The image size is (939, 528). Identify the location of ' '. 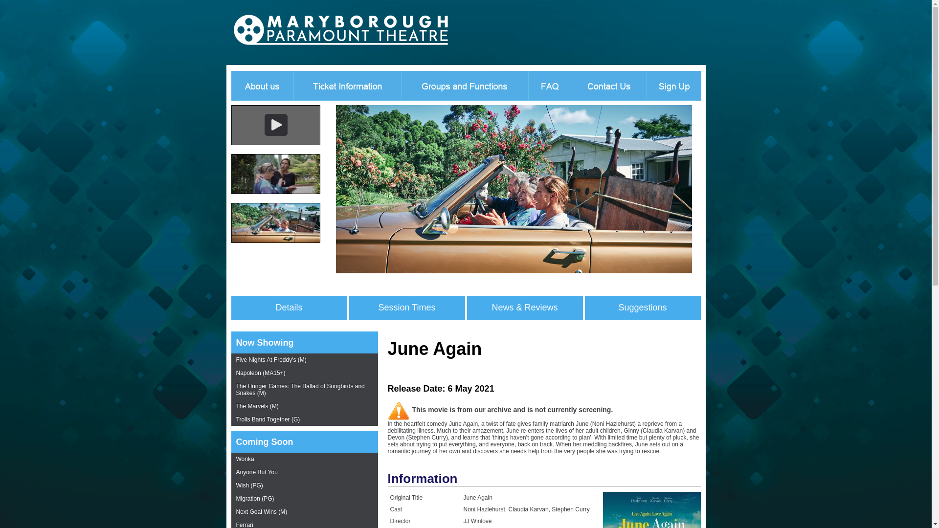
(285, 31).